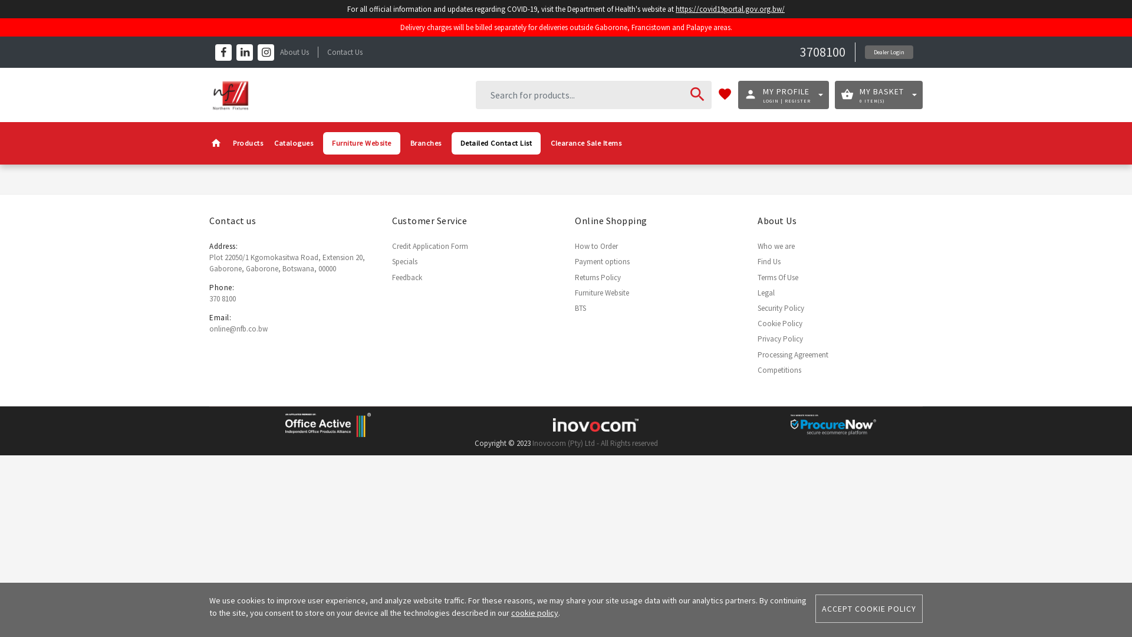 This screenshot has height=637, width=1132. Describe the element at coordinates (216, 143) in the screenshot. I see `'home'` at that location.